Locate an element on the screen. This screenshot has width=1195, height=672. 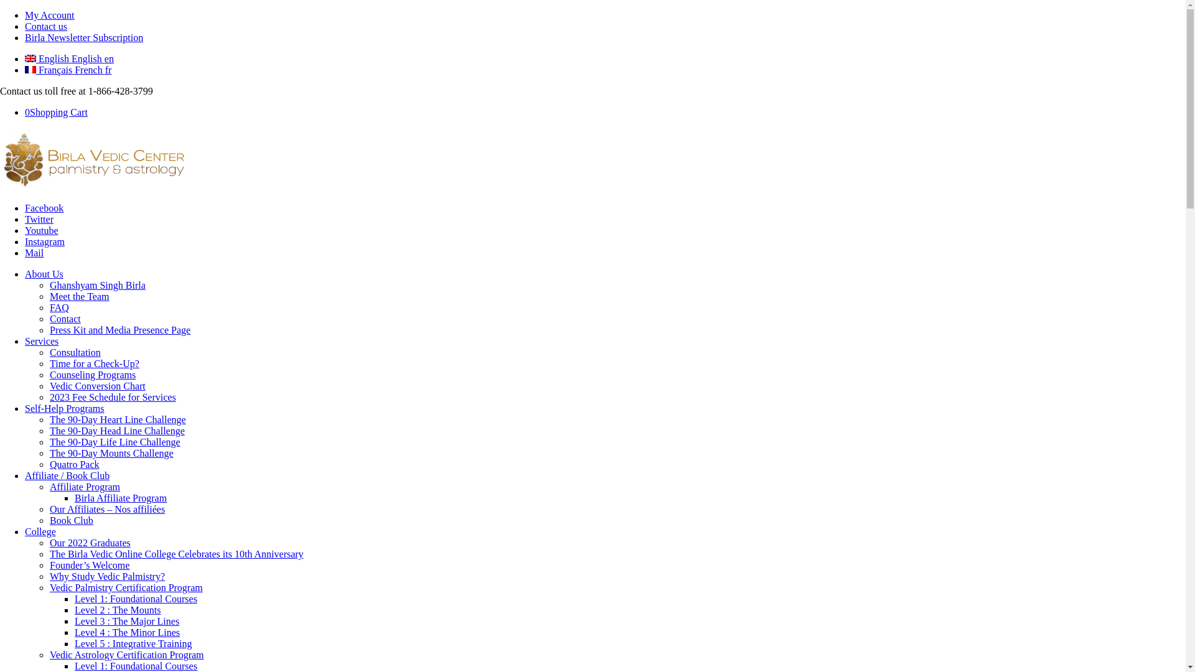
'Instagram' is located at coordinates (45, 241).